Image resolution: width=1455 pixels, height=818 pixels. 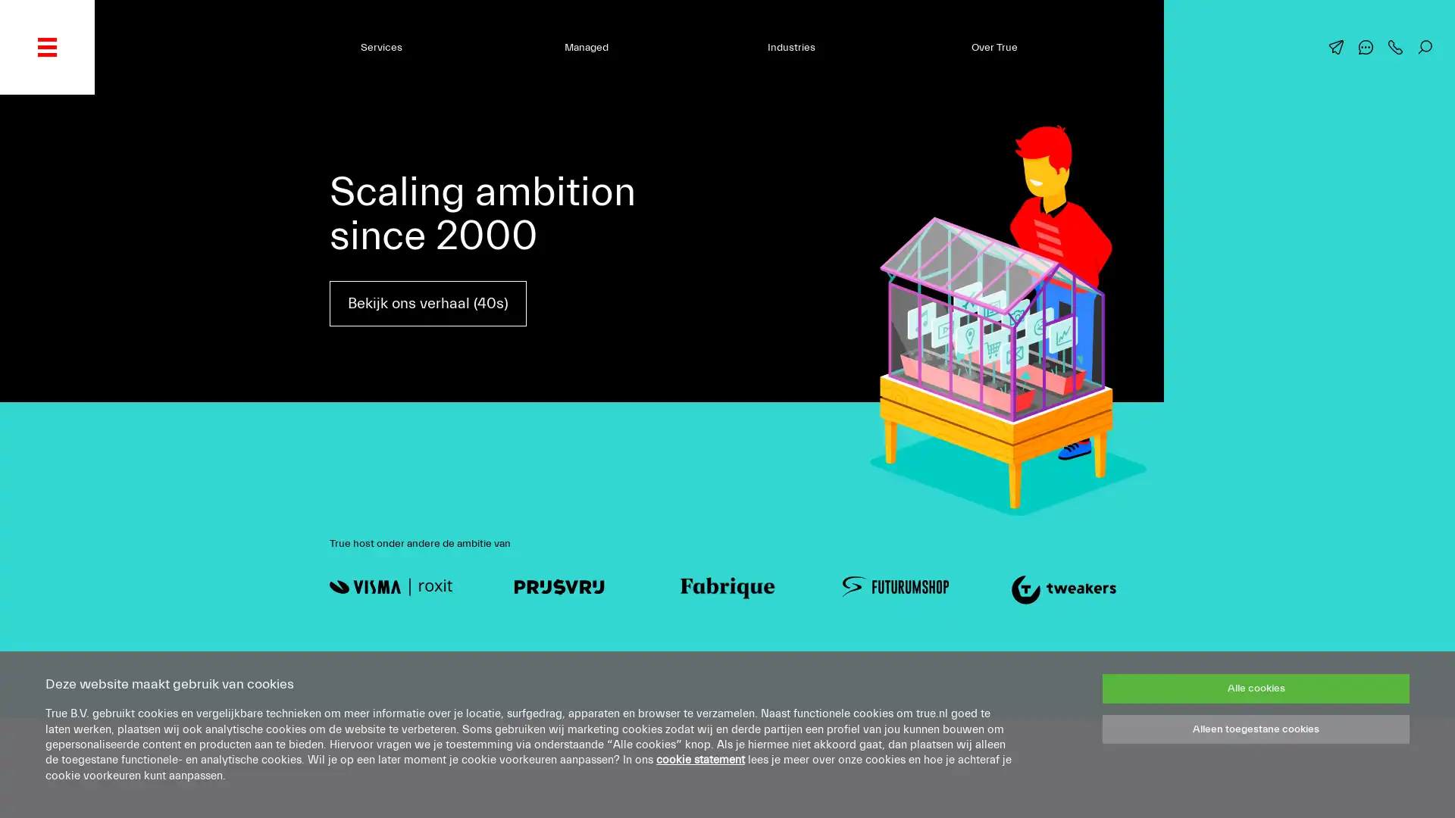 What do you see at coordinates (1373, 46) in the screenshot?
I see `Chat met ons` at bounding box center [1373, 46].